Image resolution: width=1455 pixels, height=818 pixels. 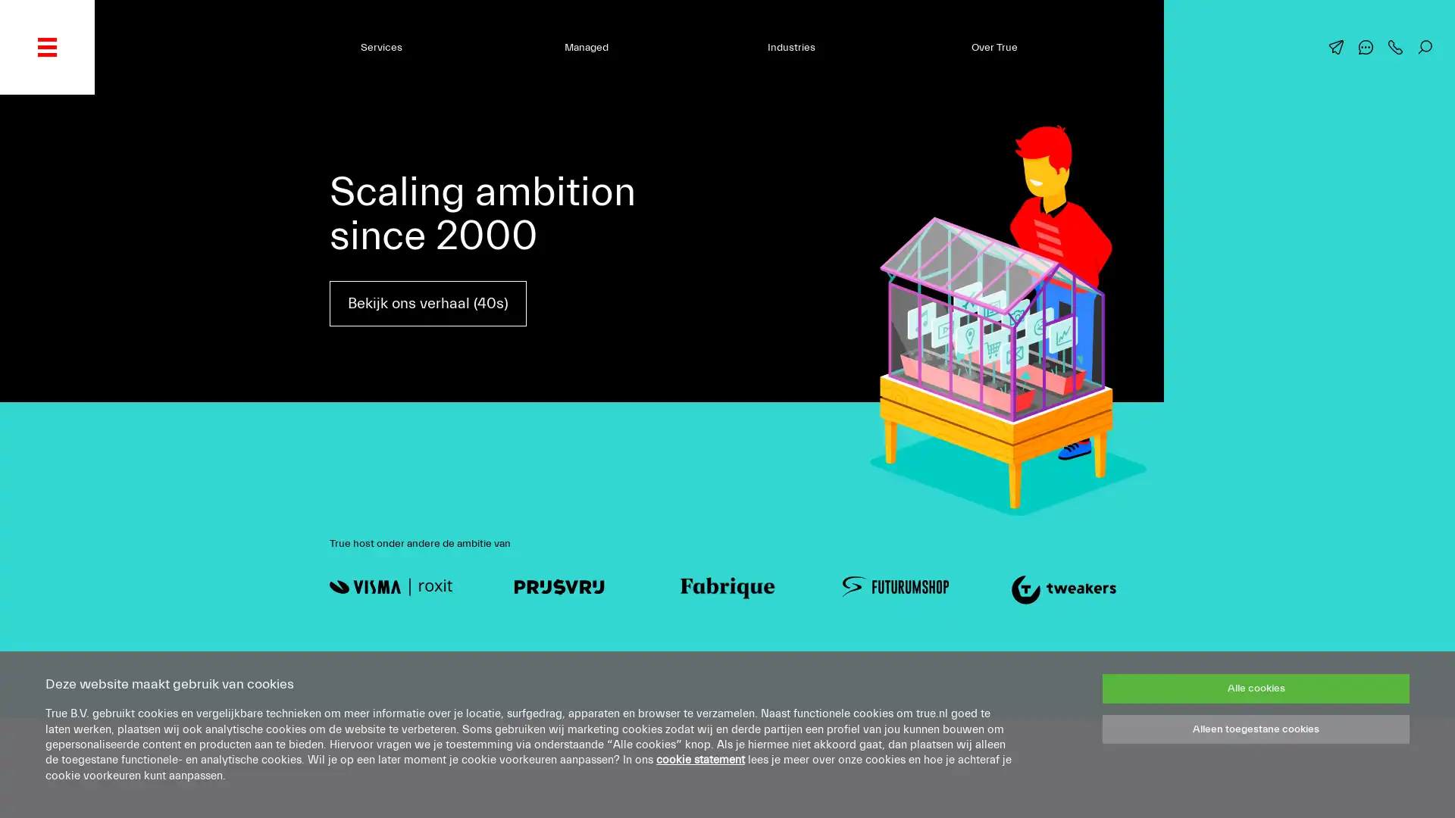 What do you see at coordinates (1373, 46) in the screenshot?
I see `Chat met ons` at bounding box center [1373, 46].